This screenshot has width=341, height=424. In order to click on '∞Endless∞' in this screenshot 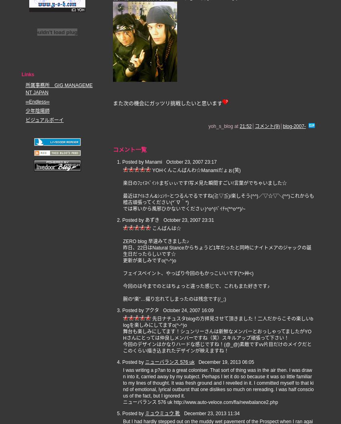, I will do `click(37, 101)`.